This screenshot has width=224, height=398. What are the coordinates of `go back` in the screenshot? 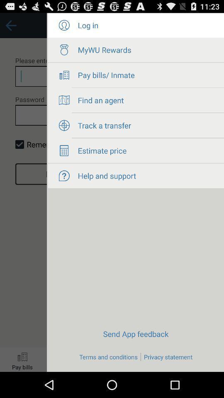 It's located at (23, 192).